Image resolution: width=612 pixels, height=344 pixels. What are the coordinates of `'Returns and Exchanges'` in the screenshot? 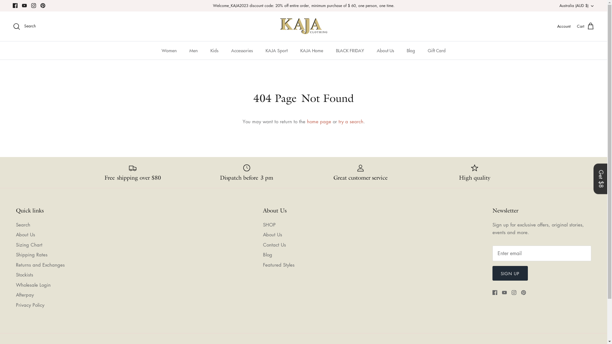 It's located at (40, 264).